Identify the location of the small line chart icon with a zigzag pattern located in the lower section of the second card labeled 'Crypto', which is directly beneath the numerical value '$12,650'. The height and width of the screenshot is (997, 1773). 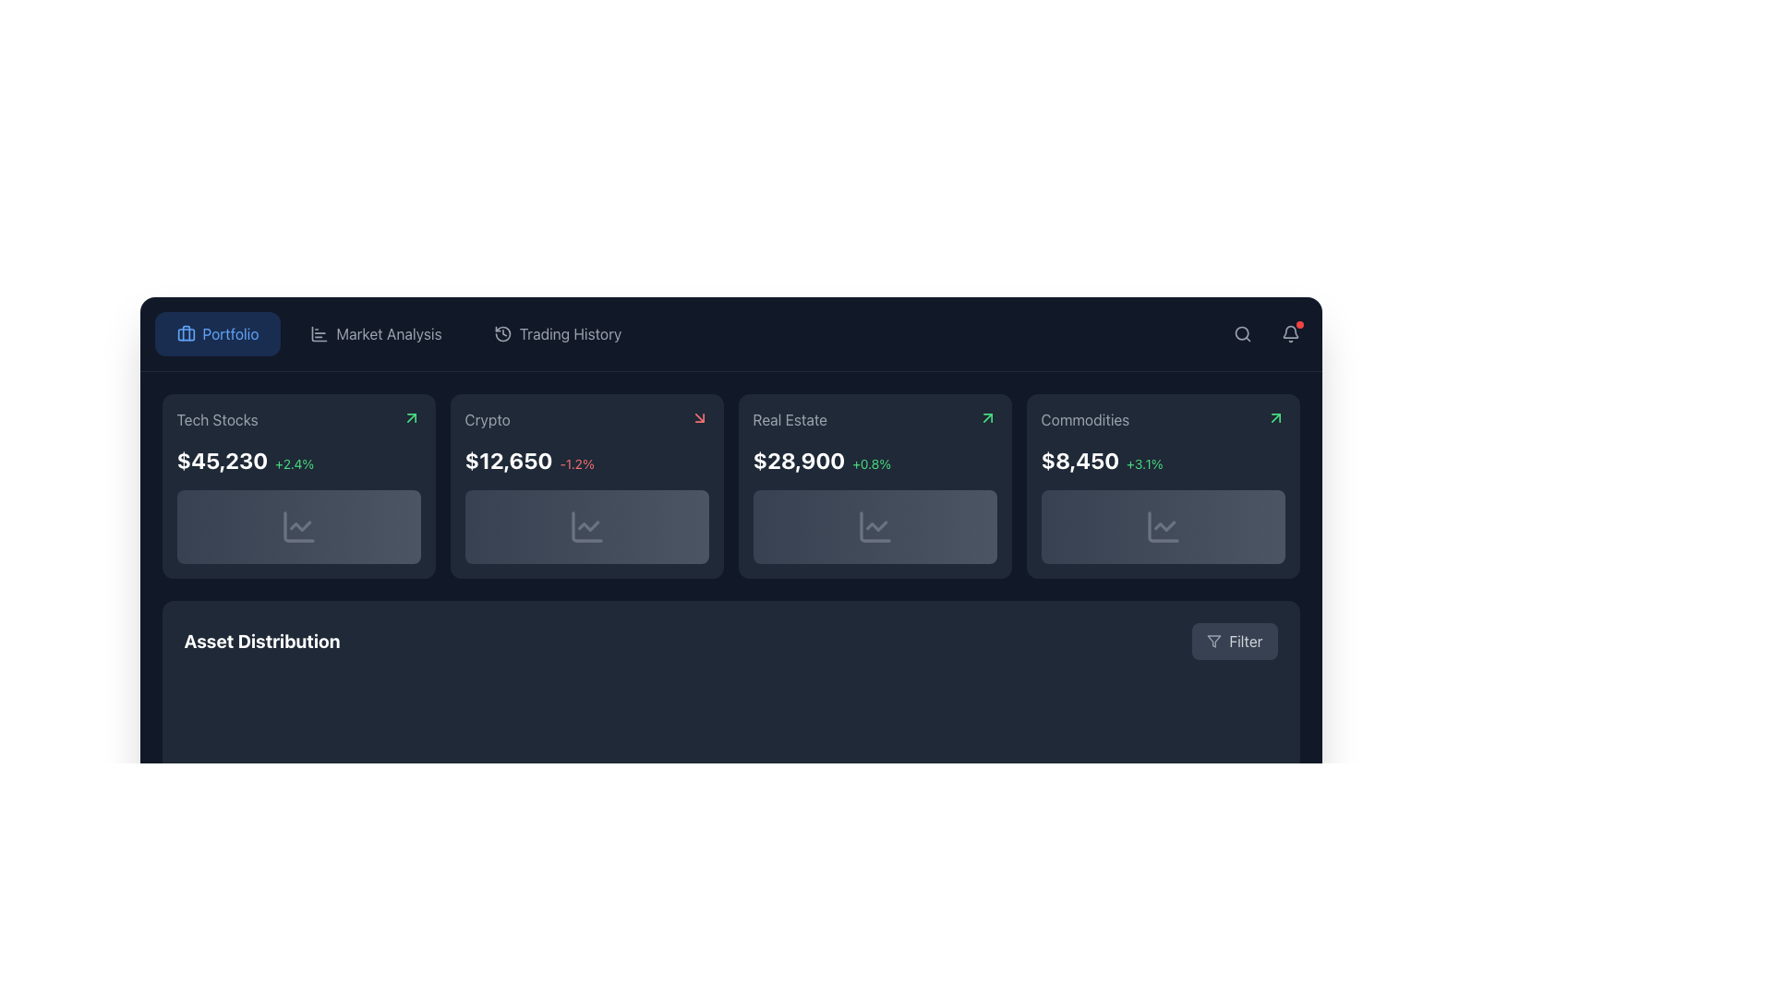
(587, 526).